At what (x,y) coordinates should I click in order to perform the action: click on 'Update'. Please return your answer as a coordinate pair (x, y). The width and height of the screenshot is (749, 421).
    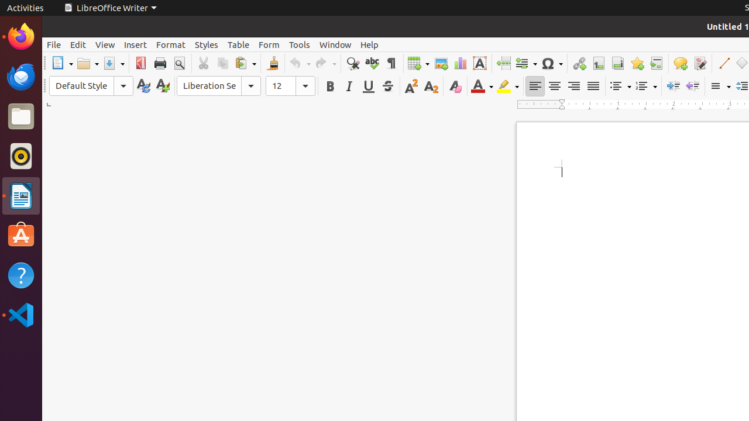
    Looking at the image, I should click on (142, 85).